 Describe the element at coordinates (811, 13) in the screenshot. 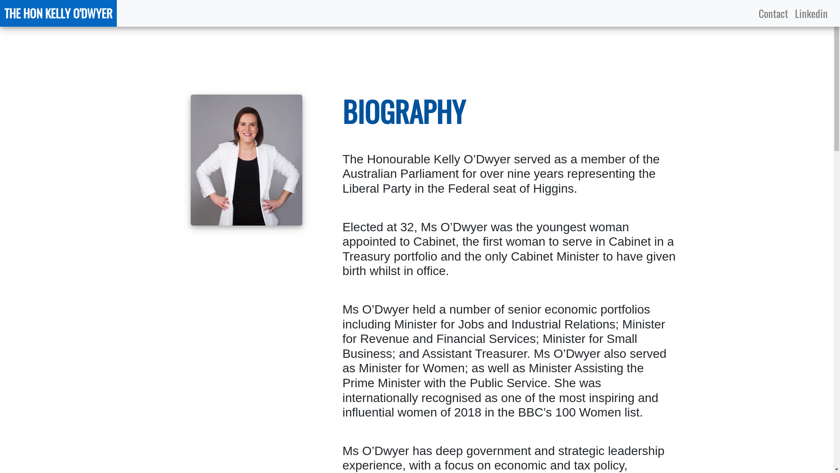

I see `'Linkedin'` at that location.